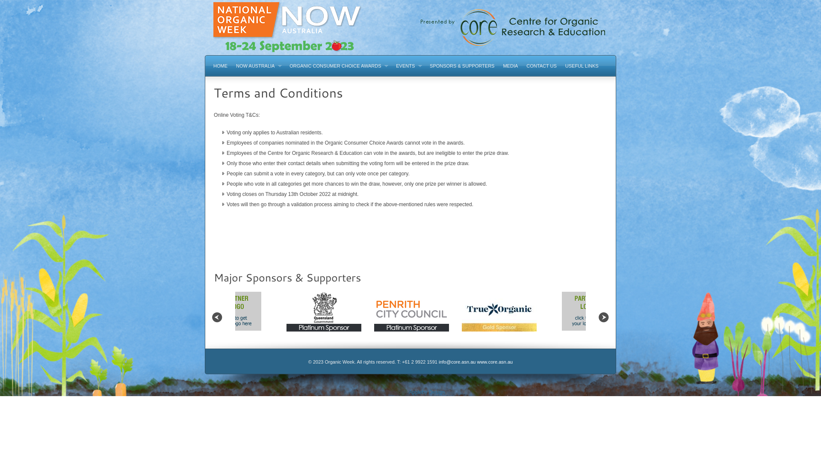 This screenshot has height=462, width=821. What do you see at coordinates (220, 65) in the screenshot?
I see `'HOME'` at bounding box center [220, 65].